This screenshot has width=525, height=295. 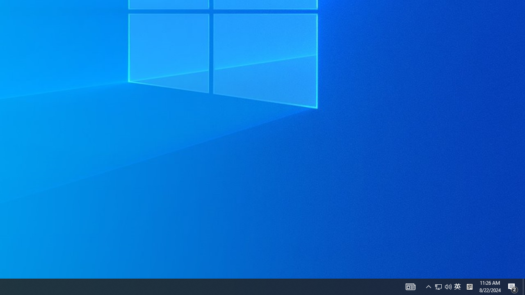 I want to click on 'AutomationID: 4105', so click(x=410, y=286).